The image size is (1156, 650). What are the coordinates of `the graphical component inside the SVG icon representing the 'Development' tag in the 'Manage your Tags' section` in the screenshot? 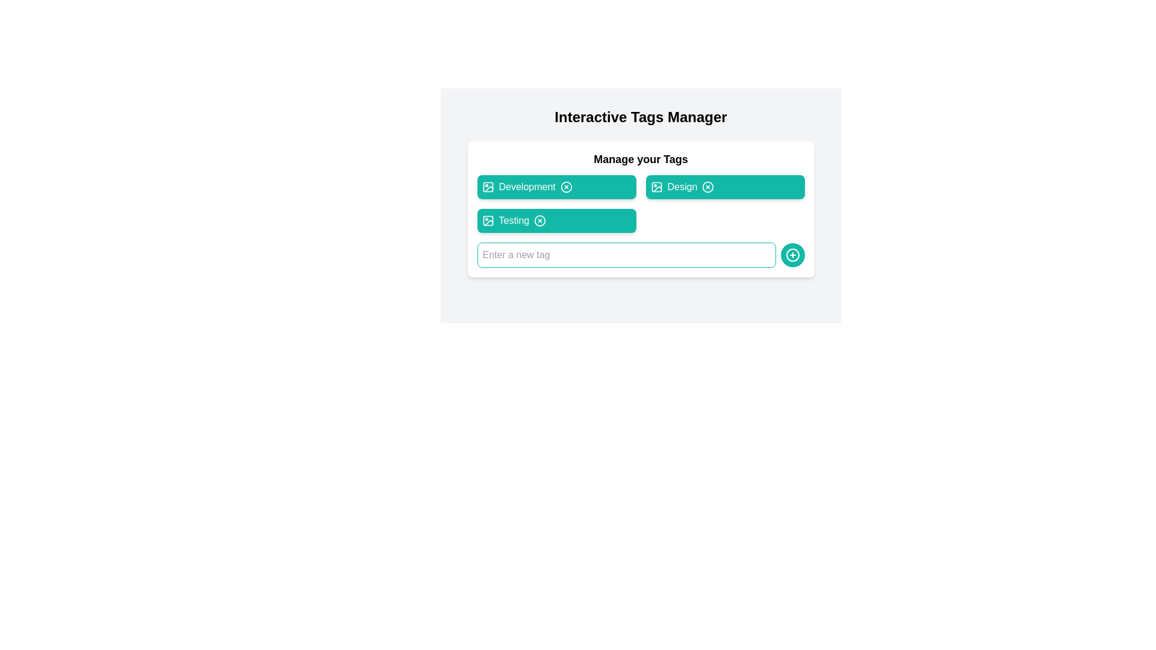 It's located at (488, 187).